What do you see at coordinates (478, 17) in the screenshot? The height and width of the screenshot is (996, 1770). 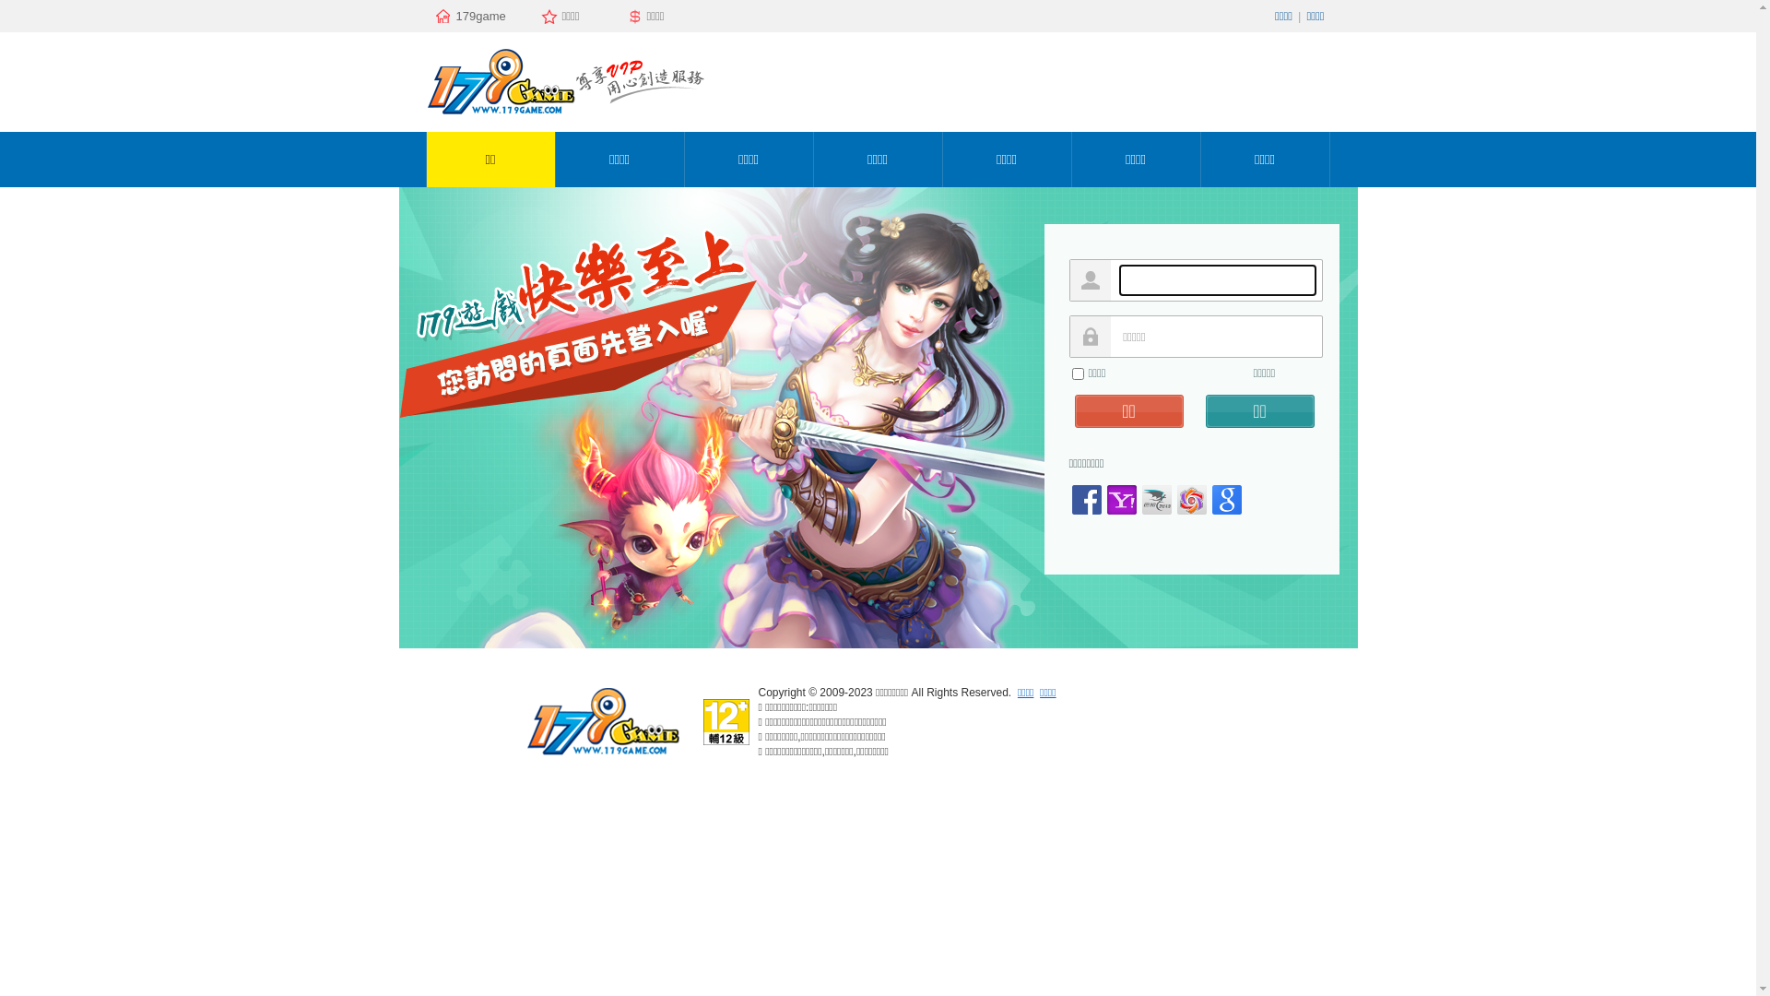 I see `'179game'` at bounding box center [478, 17].